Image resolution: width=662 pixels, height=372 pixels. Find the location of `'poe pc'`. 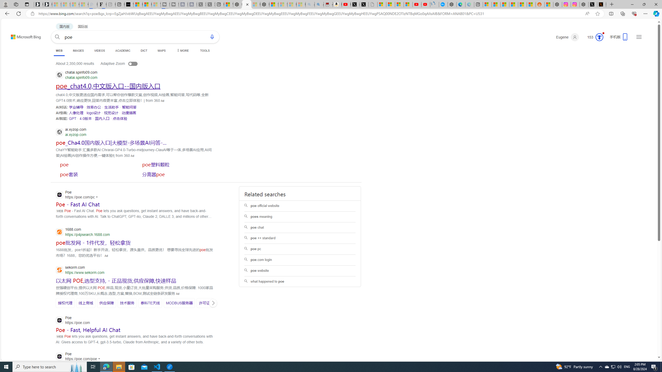

'poe pc' is located at coordinates (299, 249).